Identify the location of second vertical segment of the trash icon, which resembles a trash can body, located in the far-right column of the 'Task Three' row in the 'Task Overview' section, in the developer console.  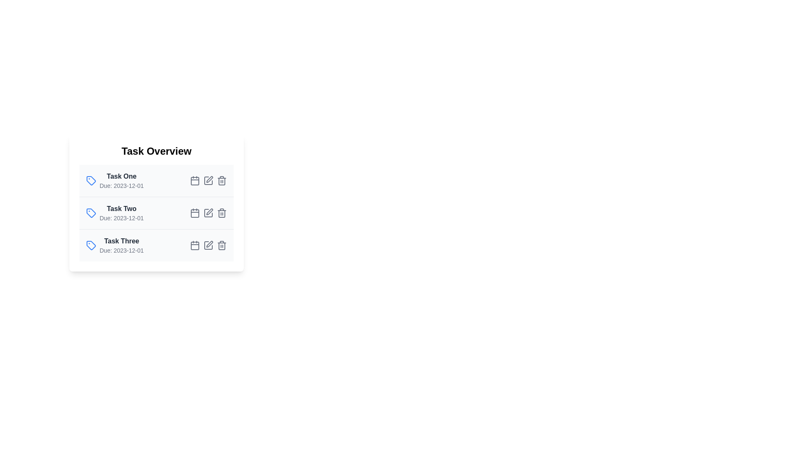
(222, 246).